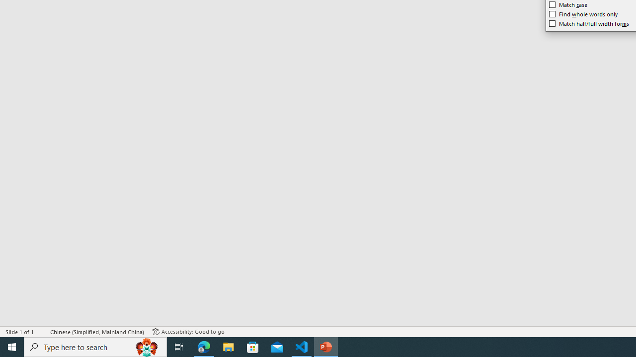 The image size is (636, 357). Describe the element at coordinates (253, 346) in the screenshot. I see `'Microsoft Store'` at that location.